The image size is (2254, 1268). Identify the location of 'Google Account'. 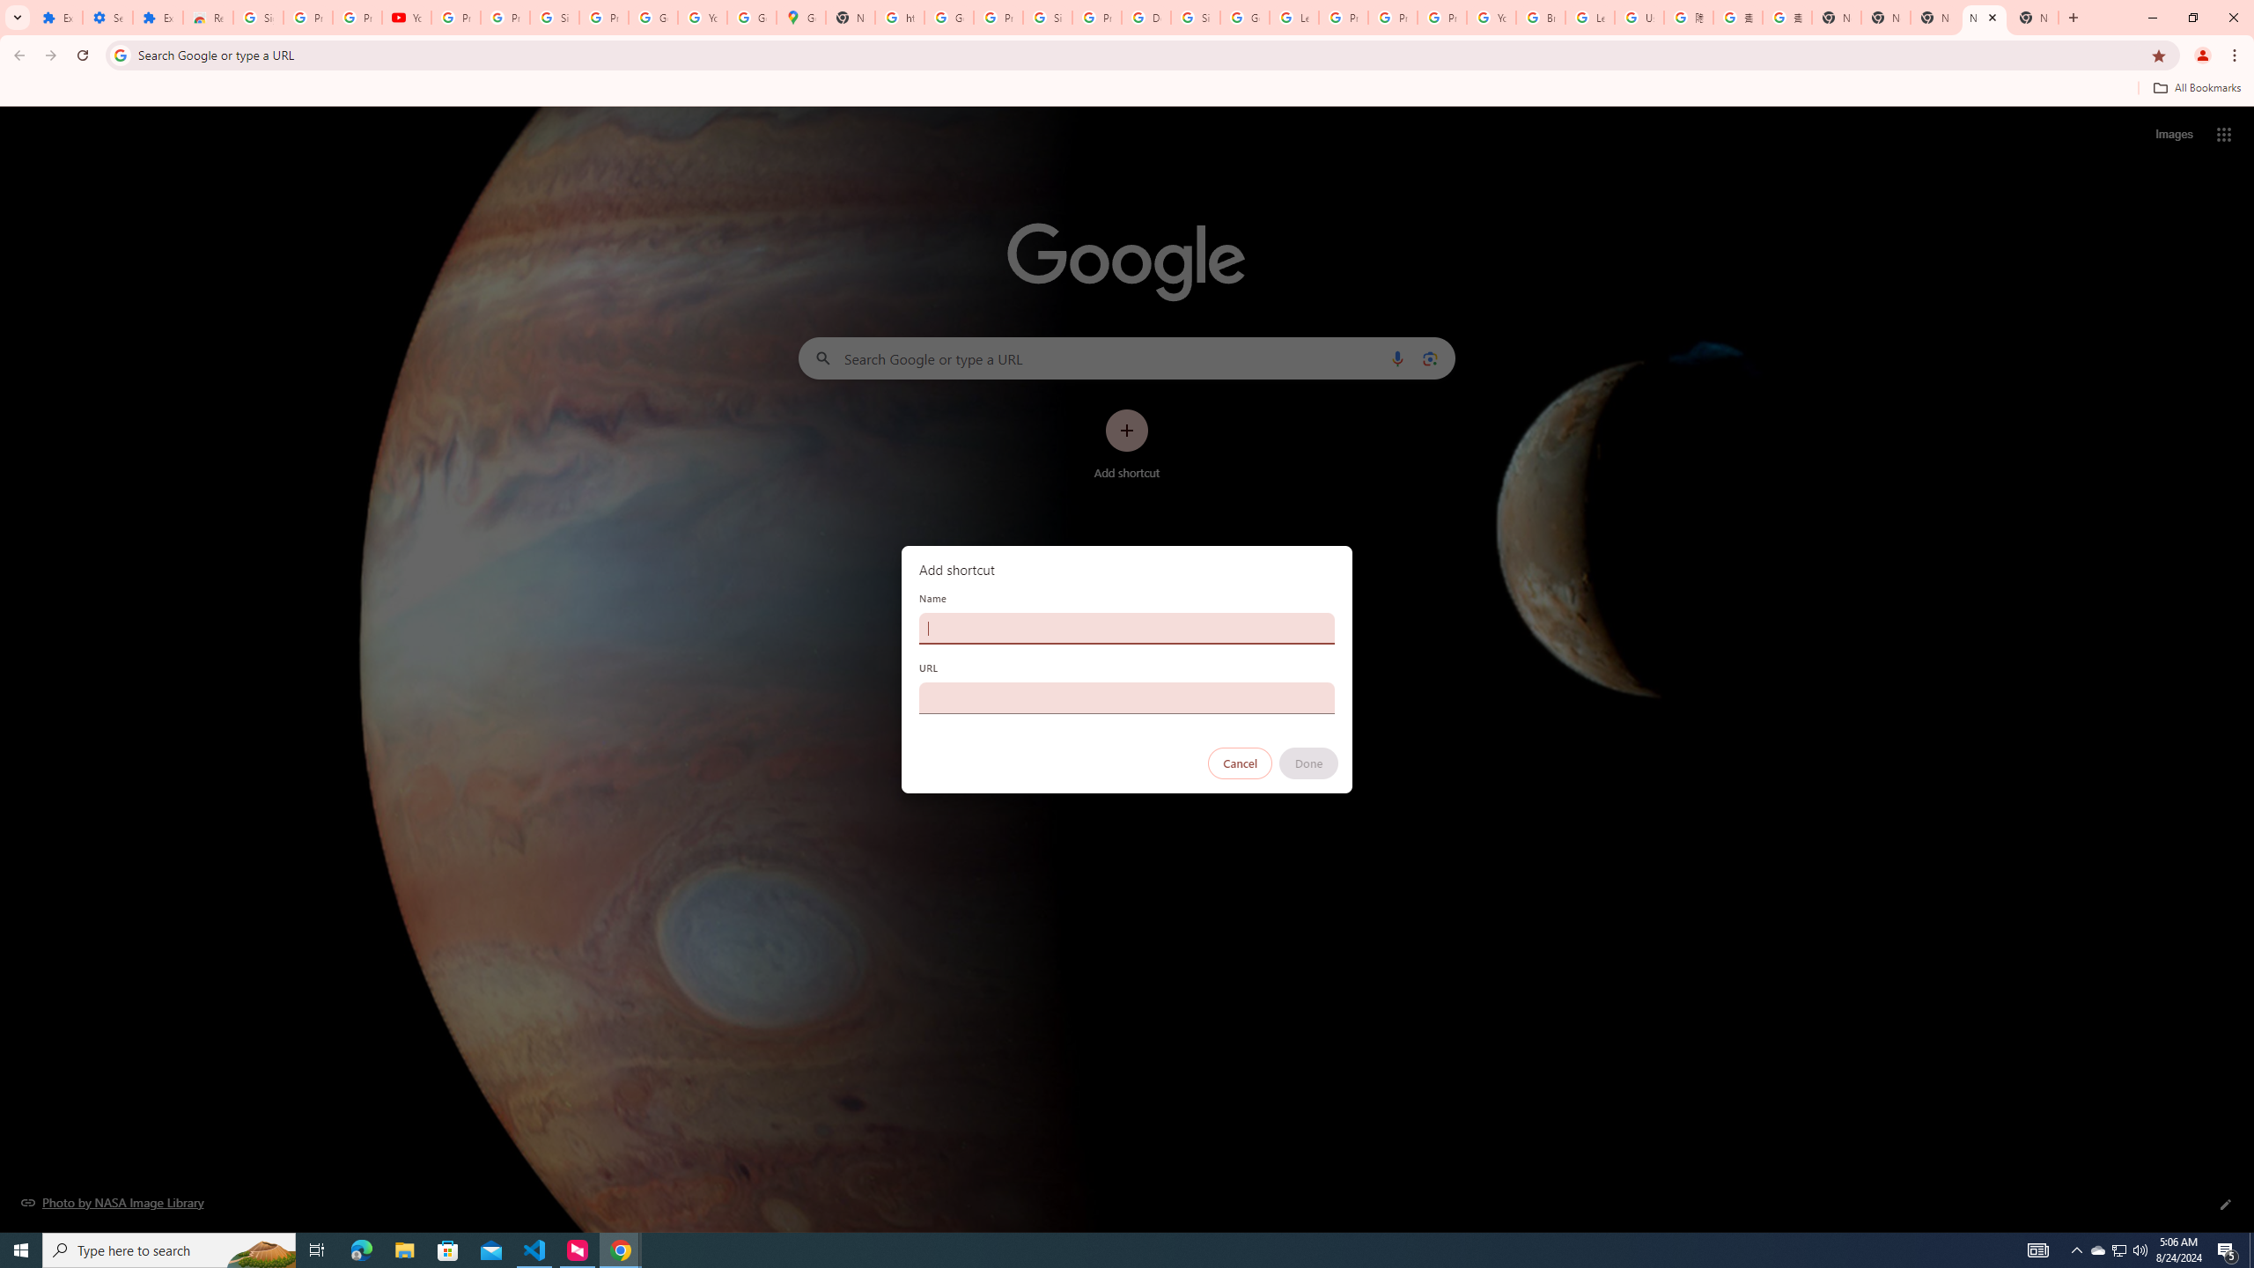
(652, 17).